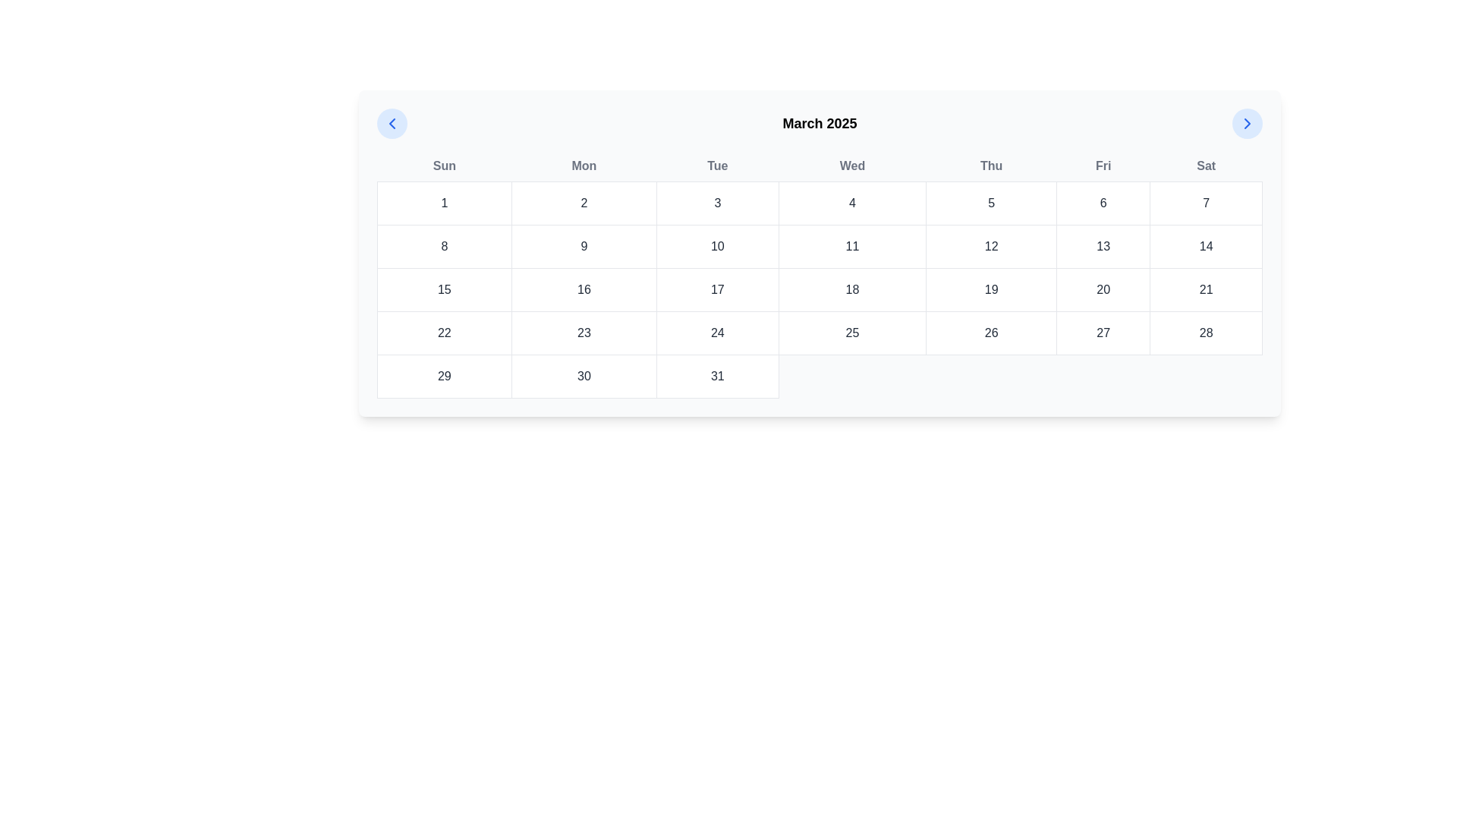 This screenshot has width=1457, height=820. I want to click on the calendar date cell representing the date '4' under the label 'Wed' in the month view of the calendar, so click(852, 202).